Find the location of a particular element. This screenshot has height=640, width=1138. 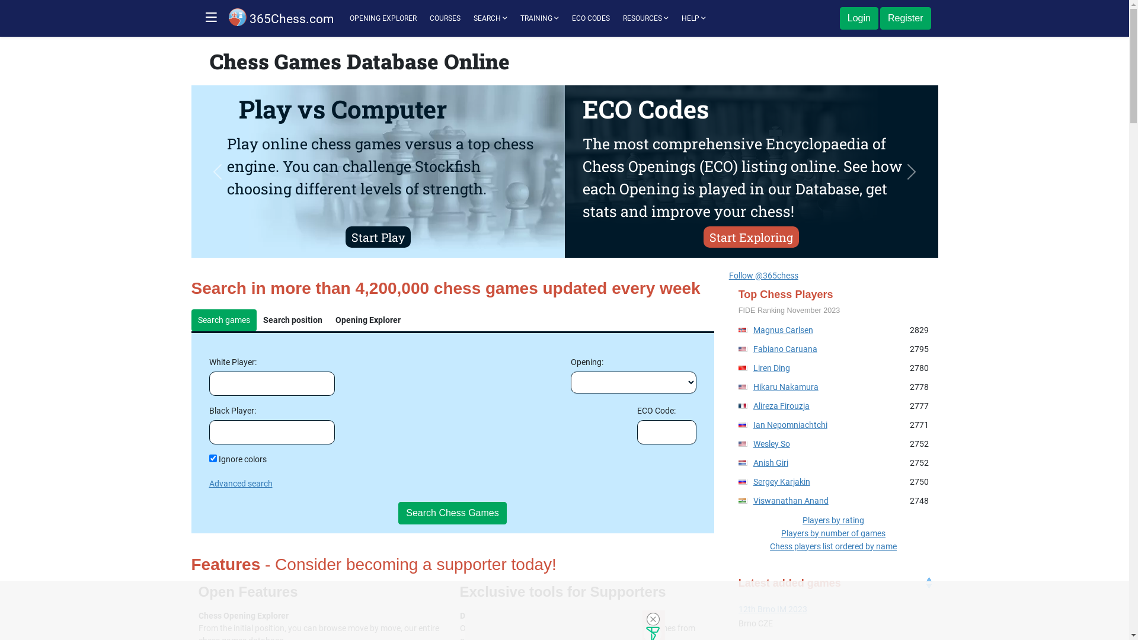

'Sergey Karjakin' is located at coordinates (782, 482).